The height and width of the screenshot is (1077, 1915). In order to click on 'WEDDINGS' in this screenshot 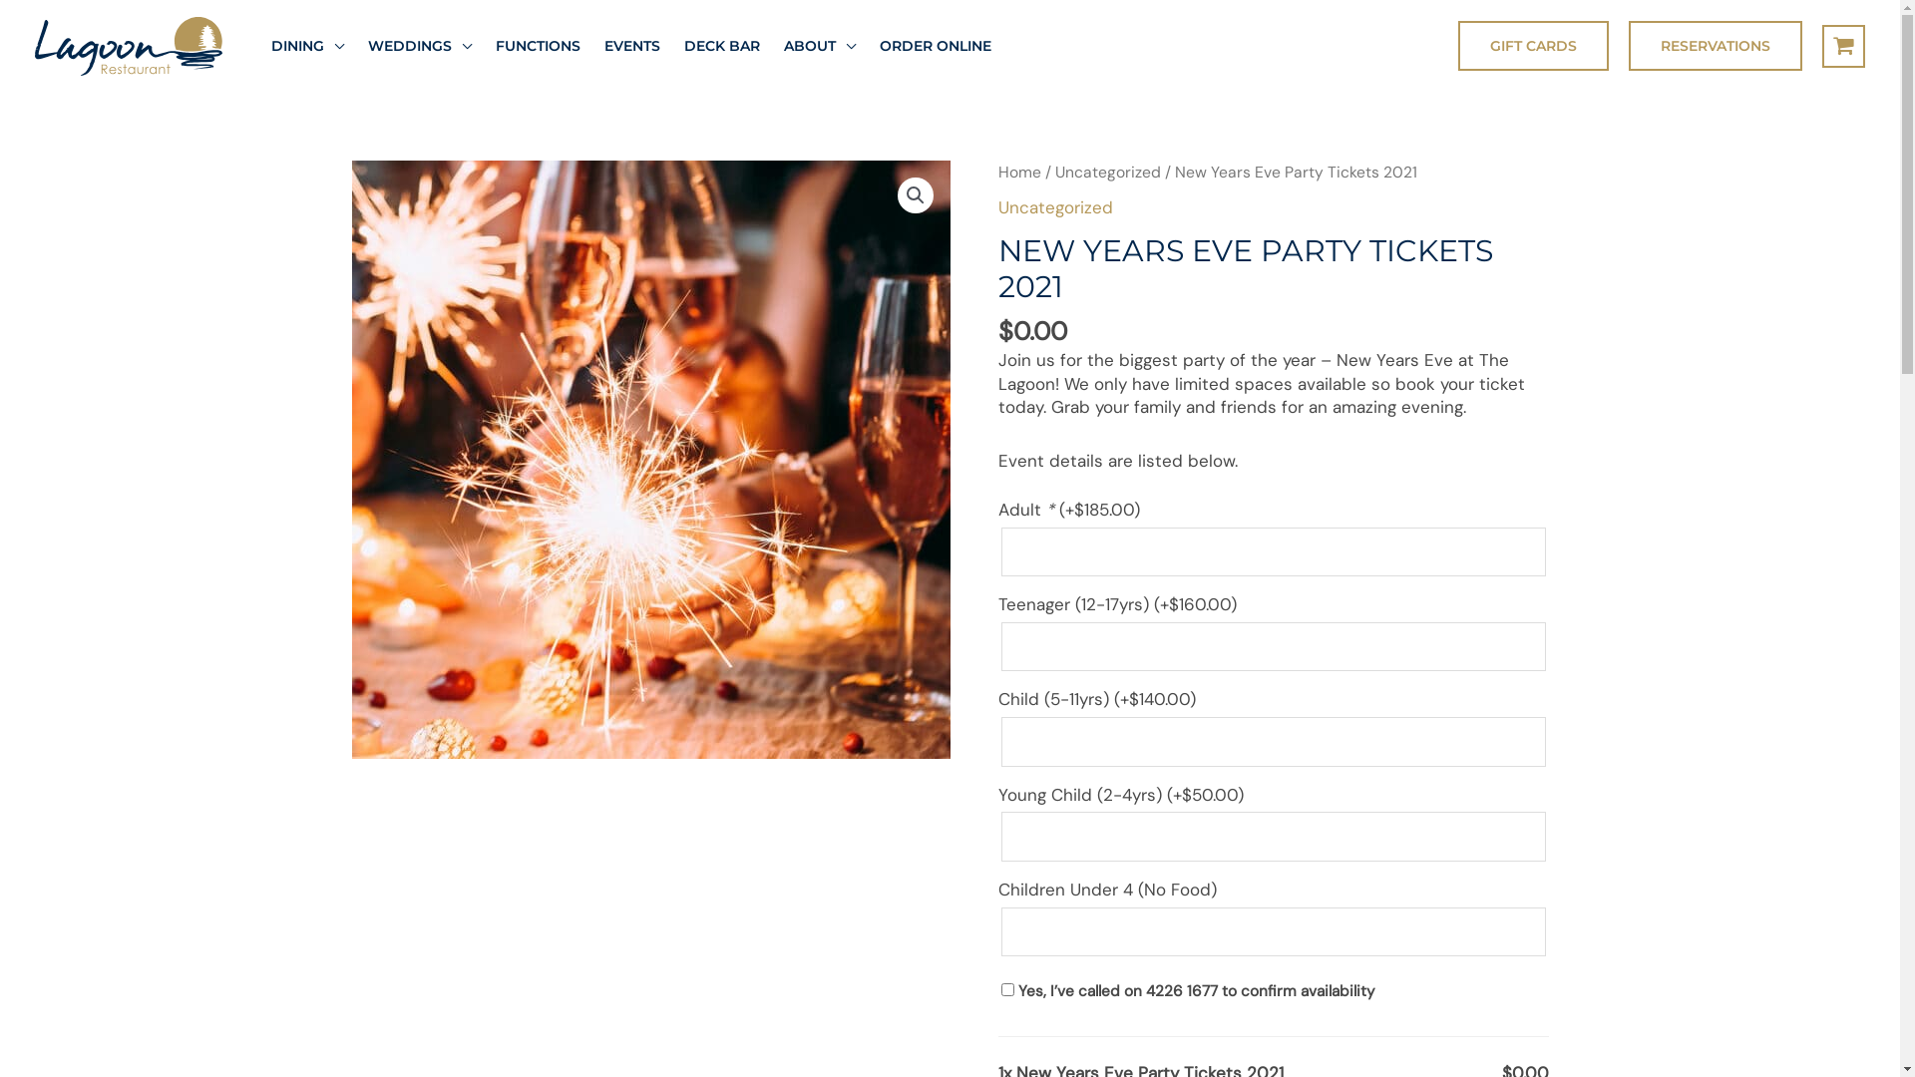, I will do `click(355, 45)`.